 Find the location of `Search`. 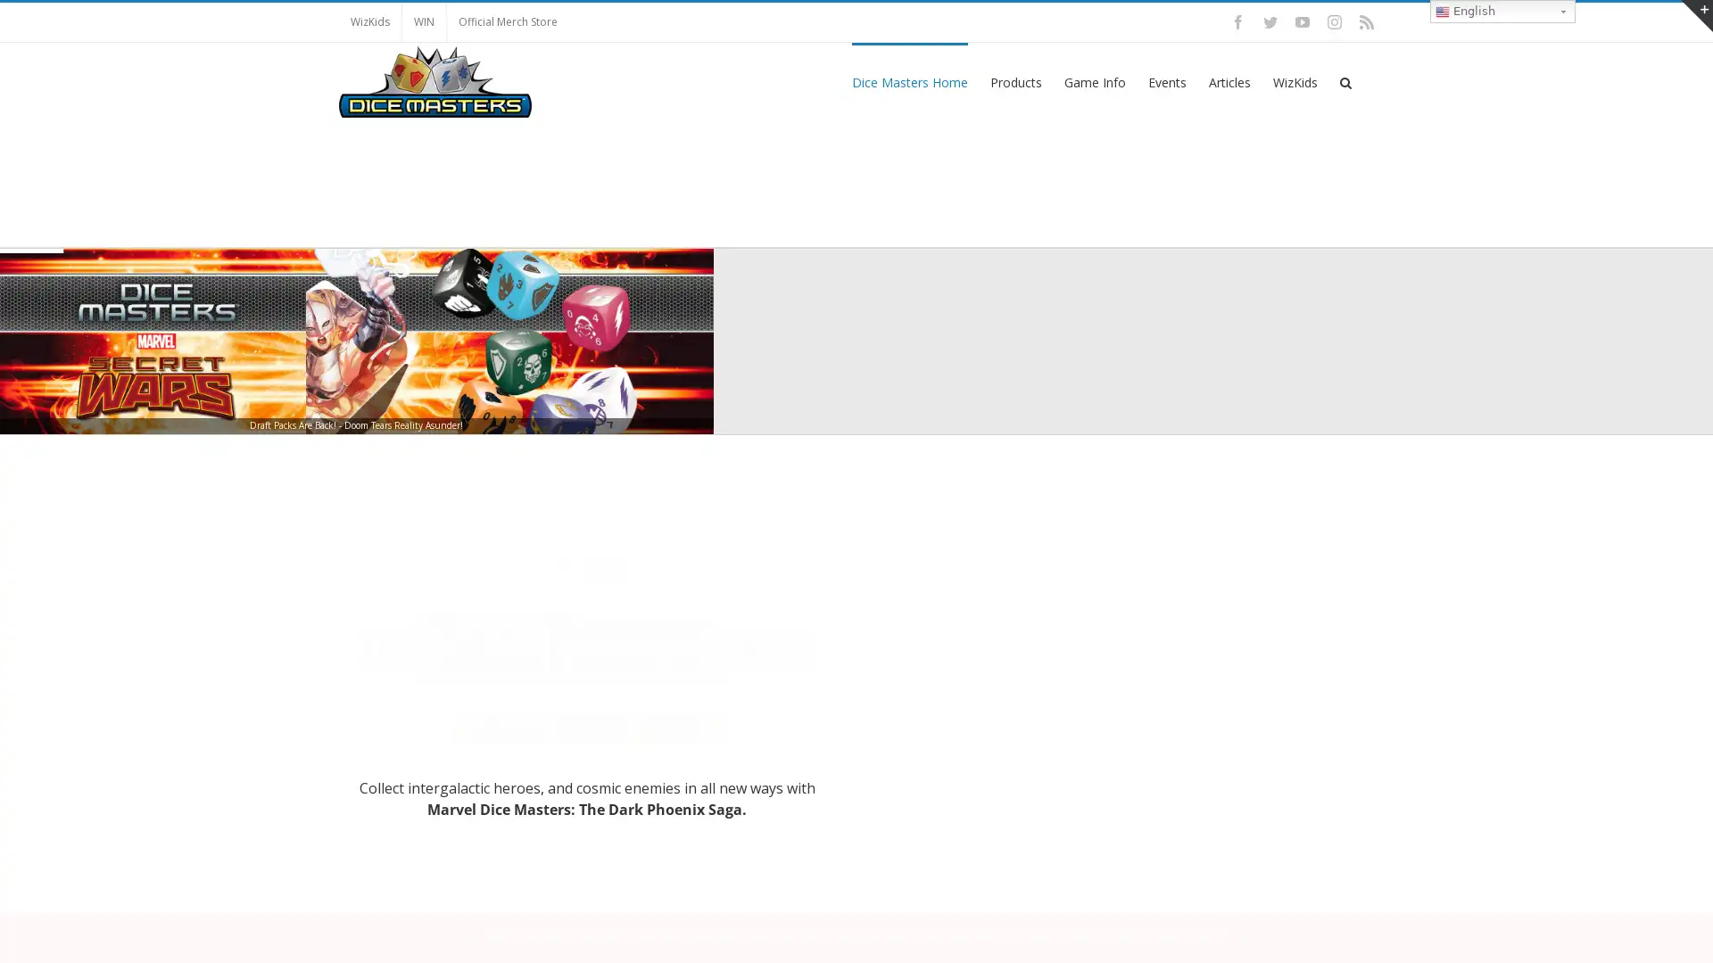

Search is located at coordinates (1345, 81).